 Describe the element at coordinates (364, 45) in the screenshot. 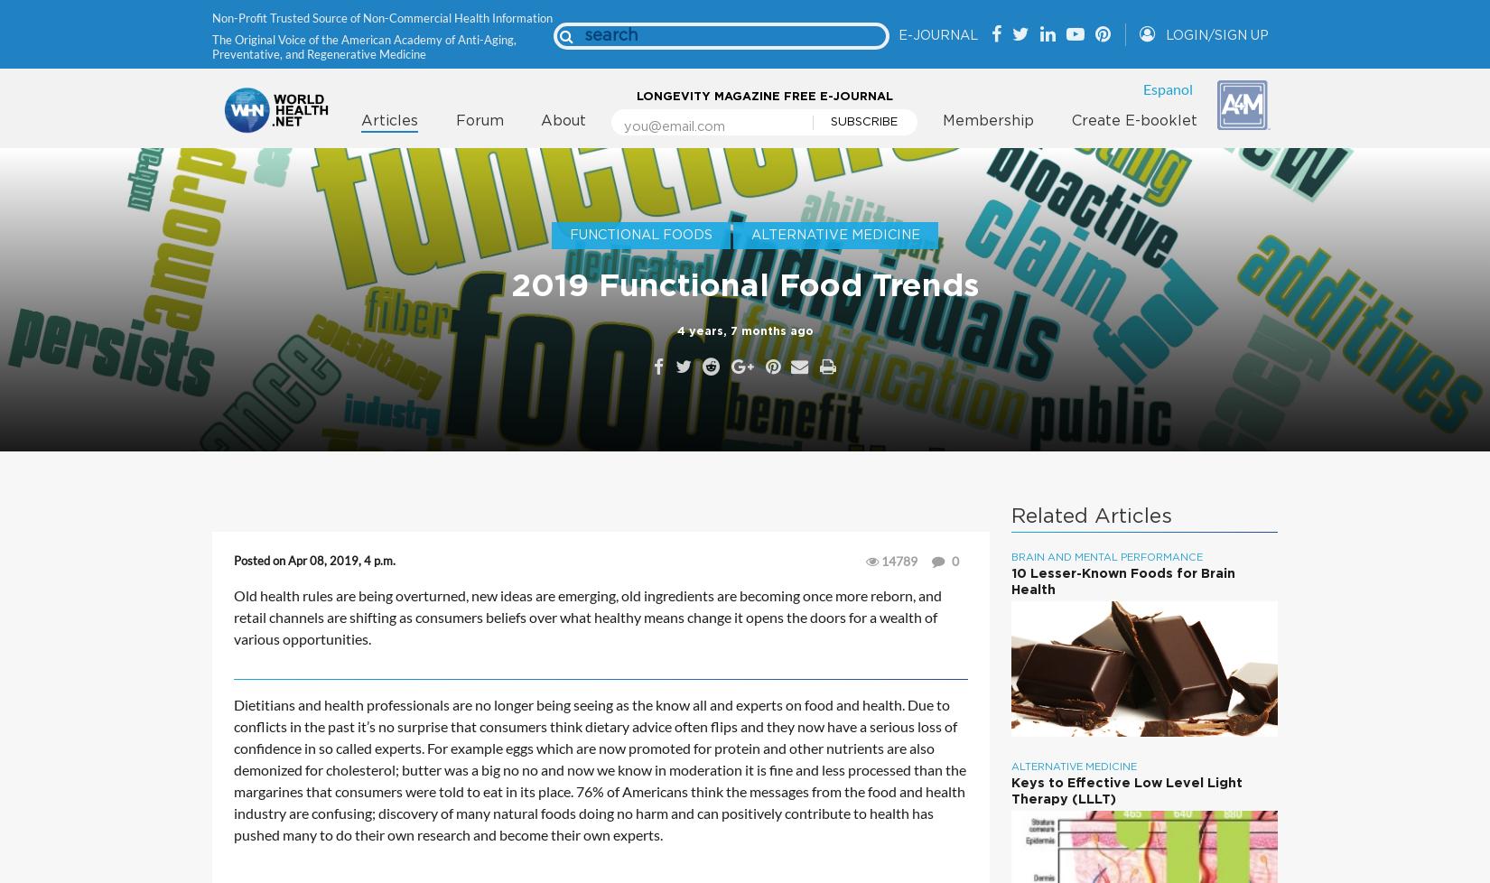

I see `'The Original Voice of the American Academy of Anti-Aging, Preventative, and Regenerative Medicine'` at that location.